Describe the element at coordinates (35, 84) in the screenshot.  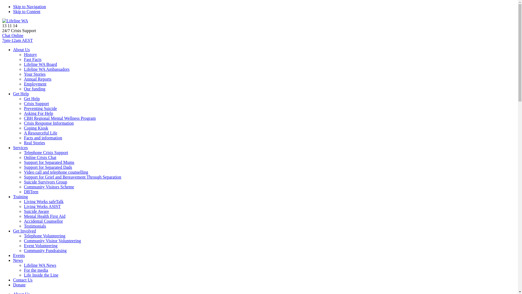
I see `'Employment'` at that location.